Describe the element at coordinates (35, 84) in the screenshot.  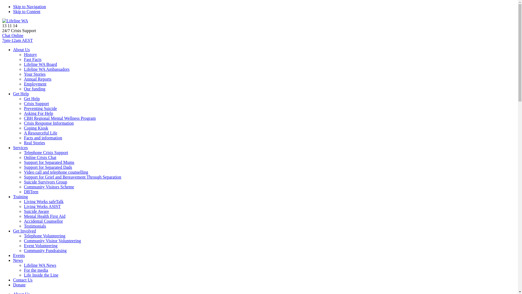
I see `'Employment'` at that location.